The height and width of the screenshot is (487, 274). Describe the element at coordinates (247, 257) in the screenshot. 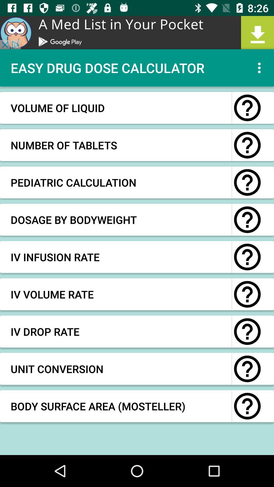

I see `show help on iv infusion rate` at that location.